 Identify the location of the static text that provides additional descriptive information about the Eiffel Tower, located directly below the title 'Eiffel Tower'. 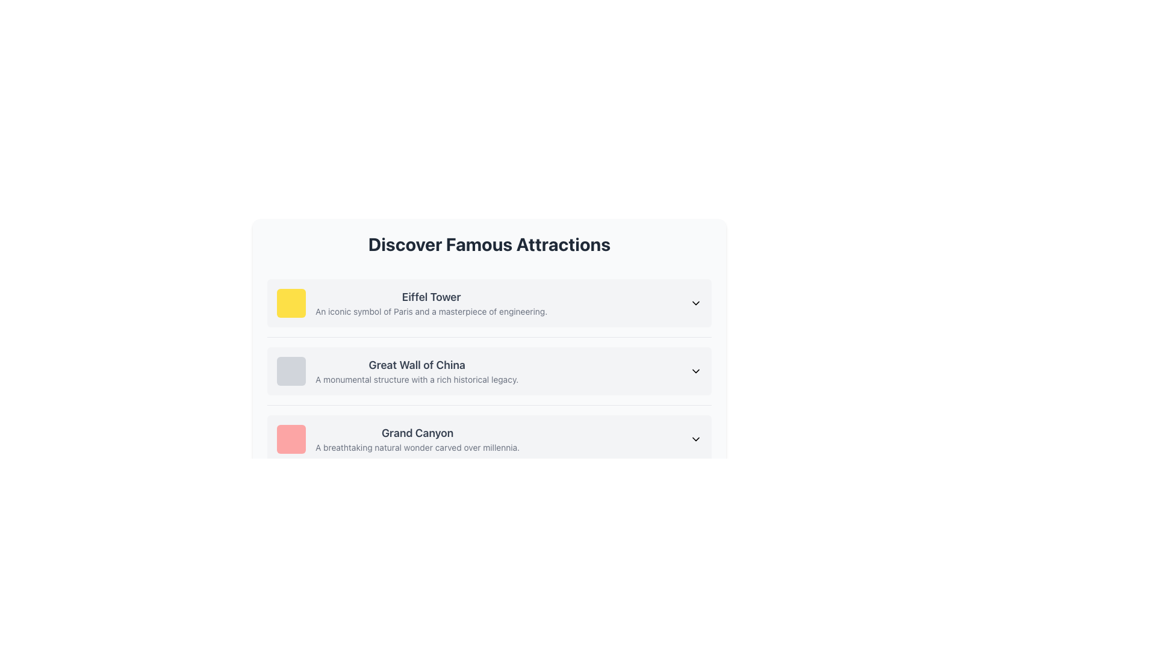
(431, 311).